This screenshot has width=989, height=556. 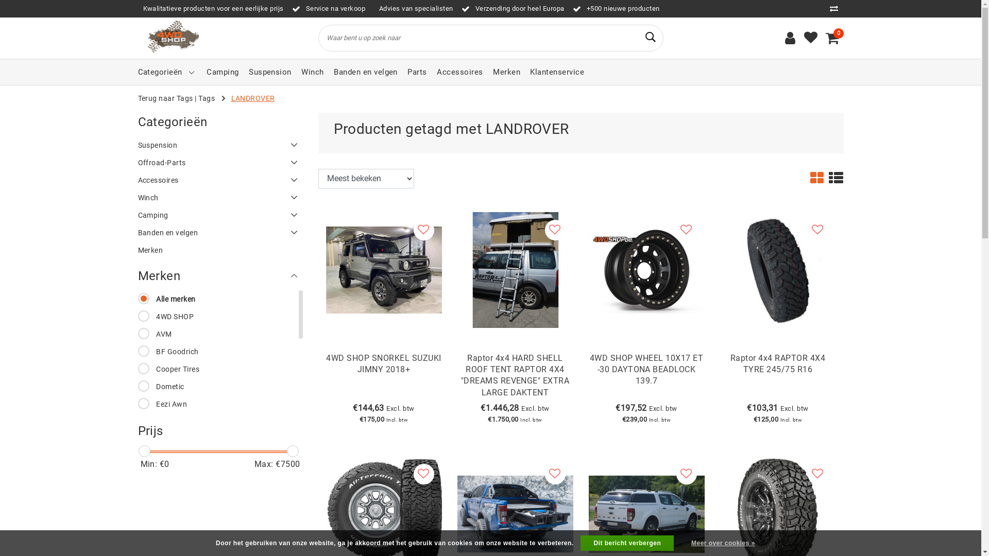 I want to click on 'Verlanglijst', so click(x=810, y=37).